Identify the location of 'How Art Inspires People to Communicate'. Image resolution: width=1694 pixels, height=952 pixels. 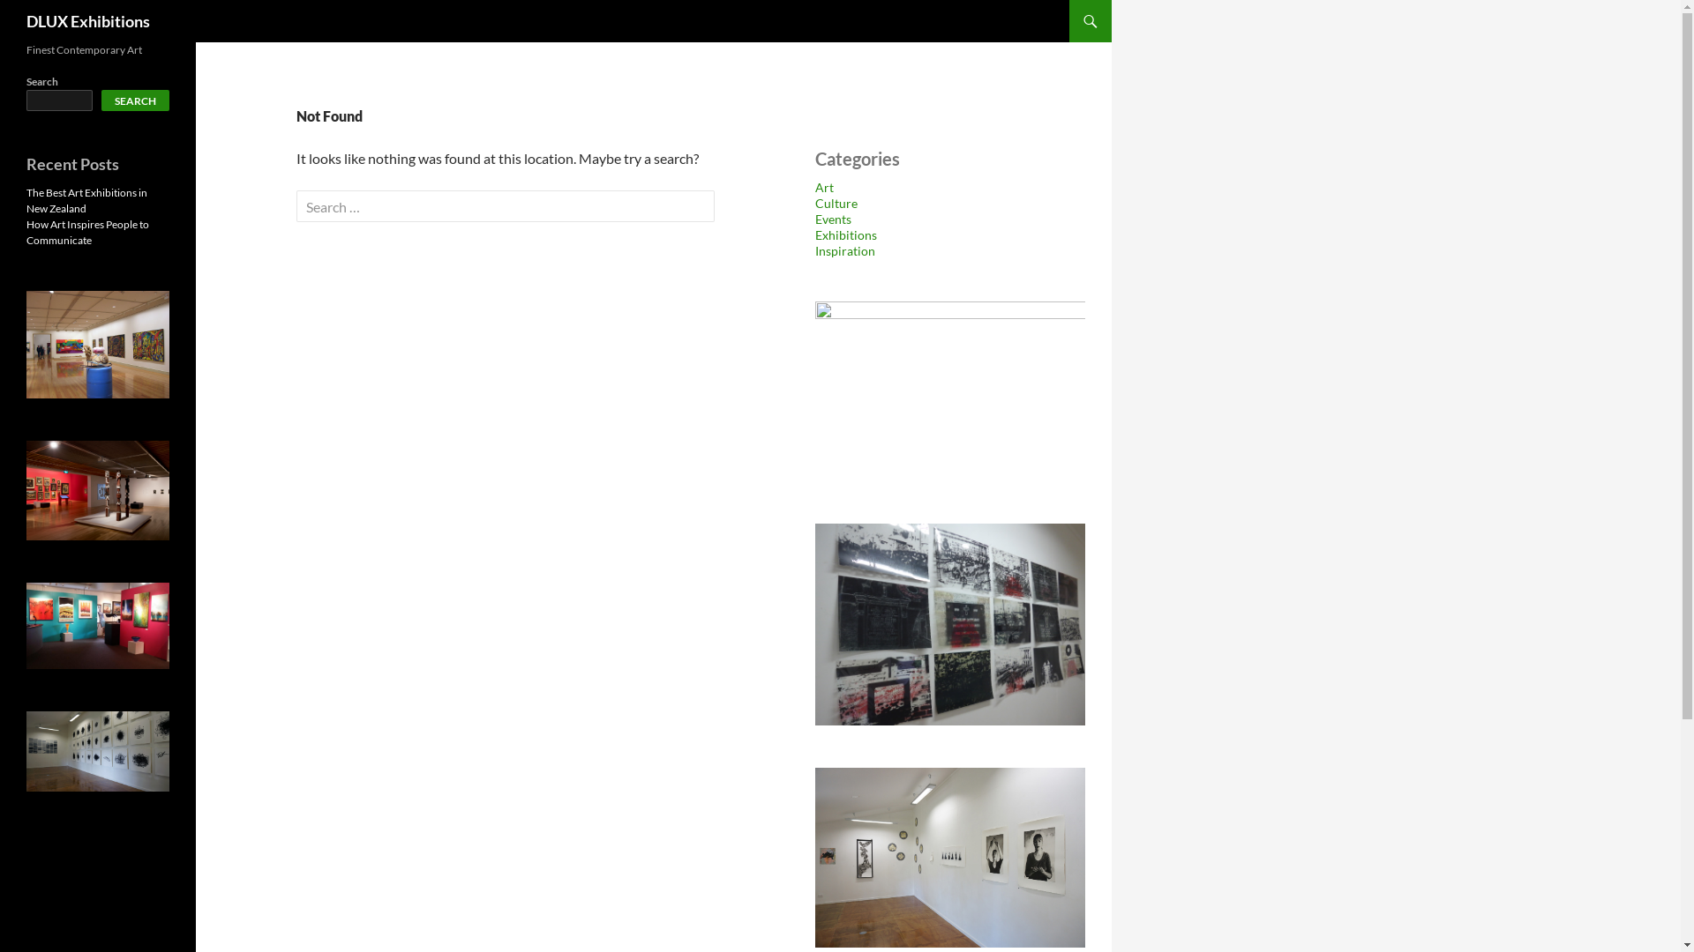
(26, 231).